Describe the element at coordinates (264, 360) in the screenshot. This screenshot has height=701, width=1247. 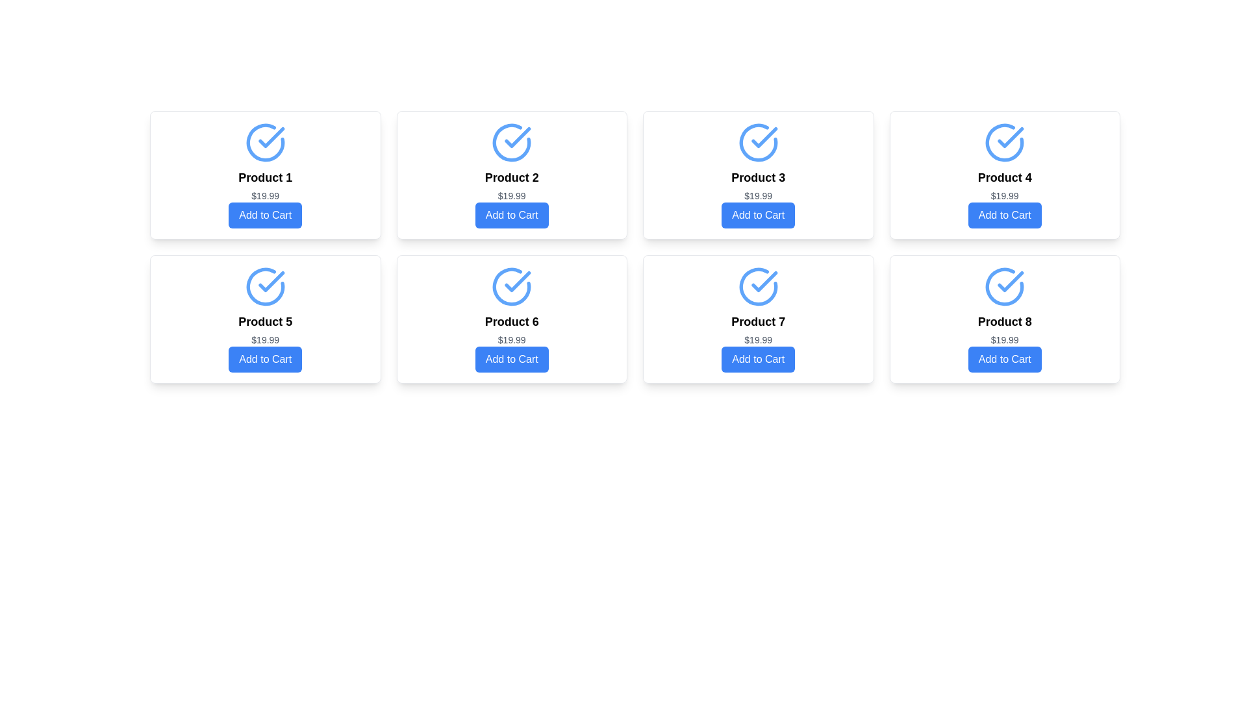
I see `the blue rectangular button labeled 'Add to Cart' located in the product card for 'Product 5' priced at $19.99 to change its color` at that location.